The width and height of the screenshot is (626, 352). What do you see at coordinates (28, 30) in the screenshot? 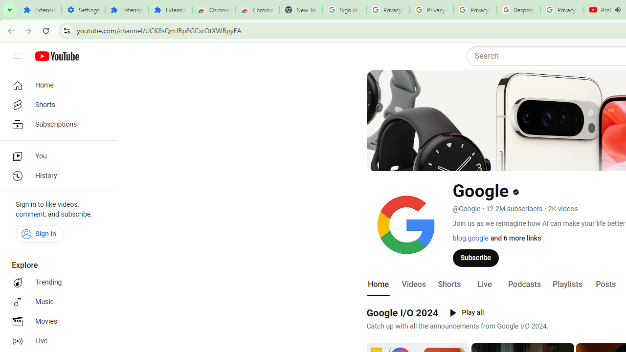
I see `'Forward'` at bounding box center [28, 30].